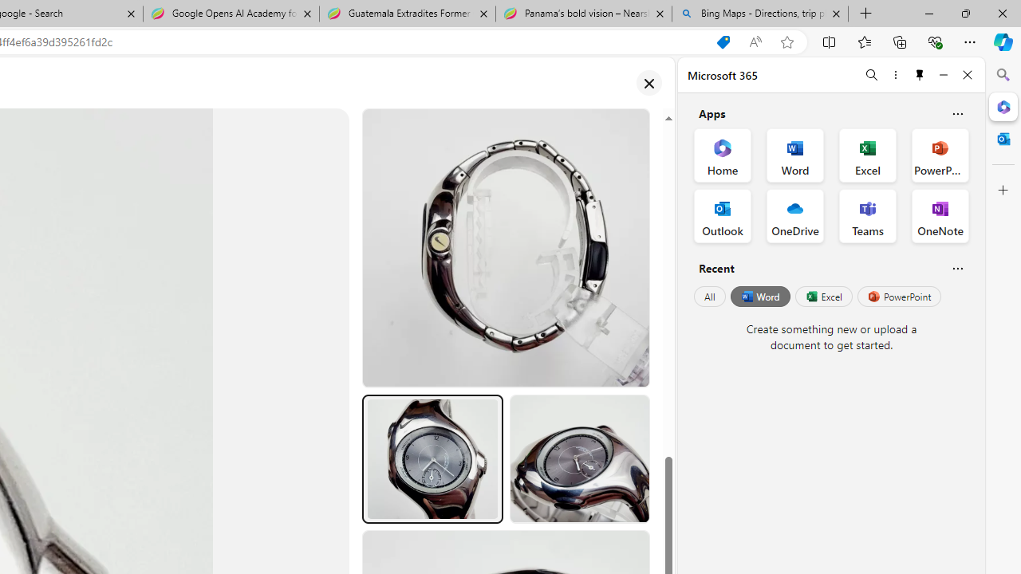 Image resolution: width=1021 pixels, height=574 pixels. What do you see at coordinates (722, 155) in the screenshot?
I see `'Home Office App'` at bounding box center [722, 155].